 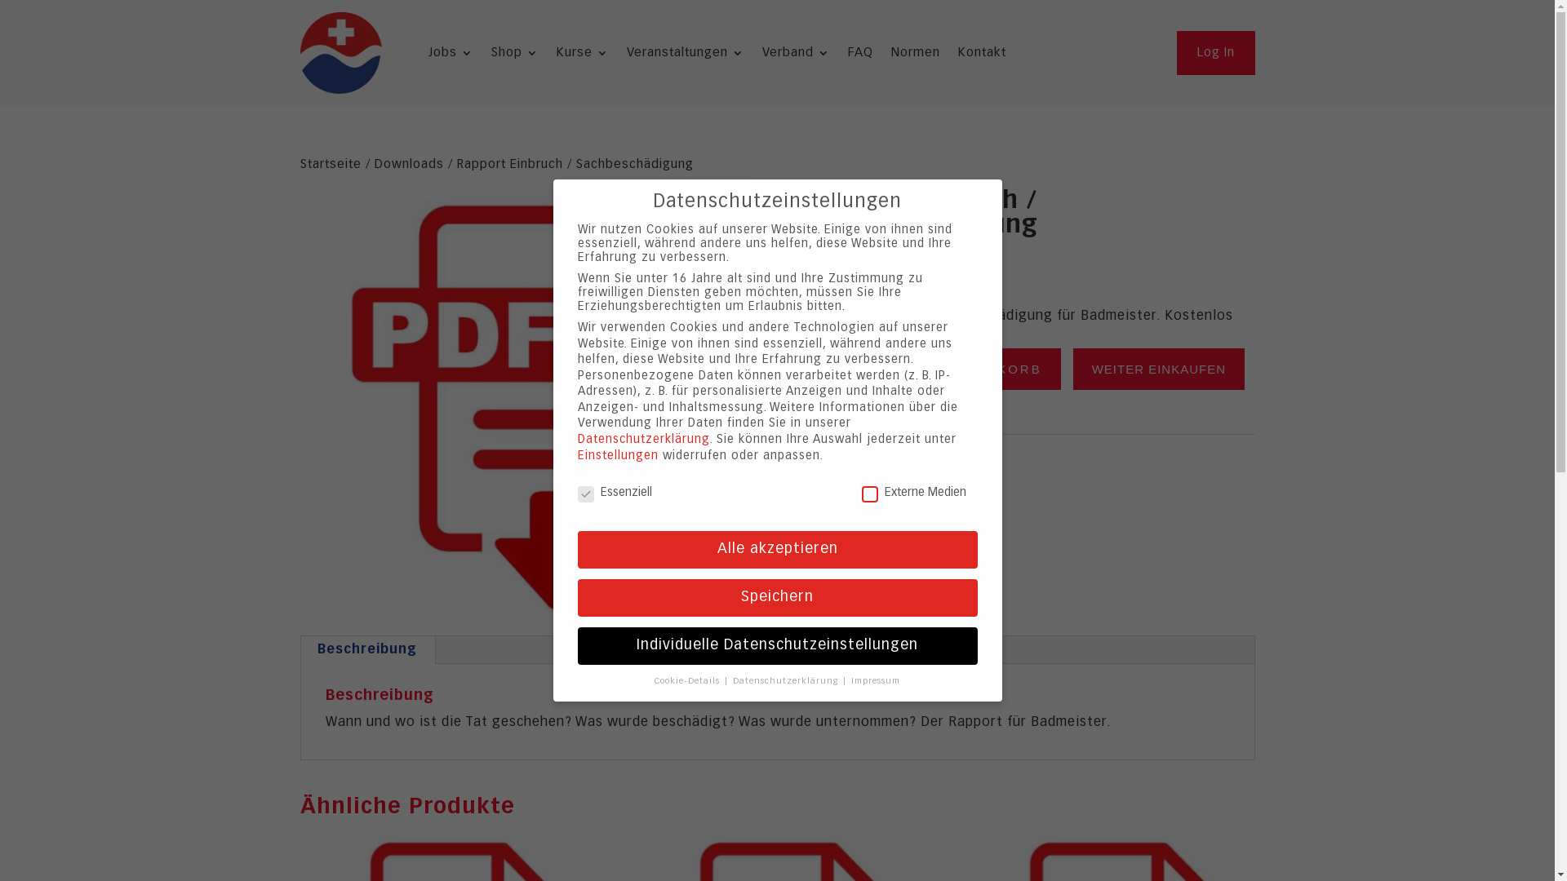 I want to click on 'FAQ', so click(x=847, y=55).